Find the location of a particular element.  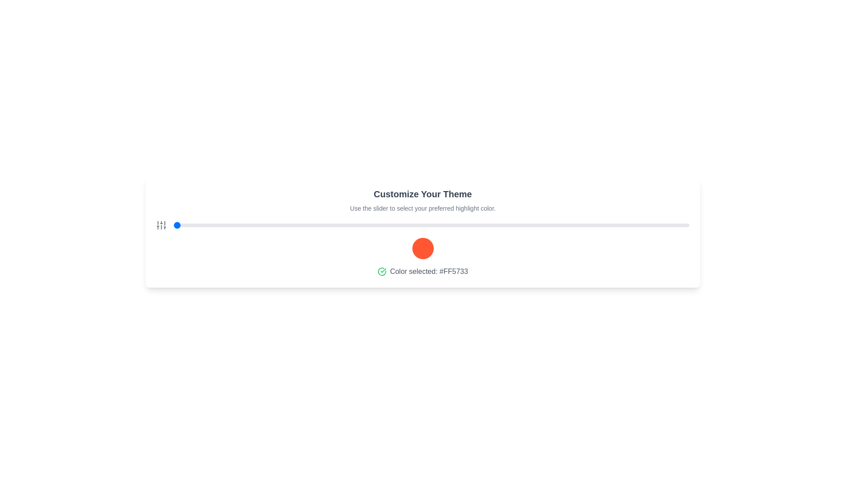

the slider value is located at coordinates (627, 224).